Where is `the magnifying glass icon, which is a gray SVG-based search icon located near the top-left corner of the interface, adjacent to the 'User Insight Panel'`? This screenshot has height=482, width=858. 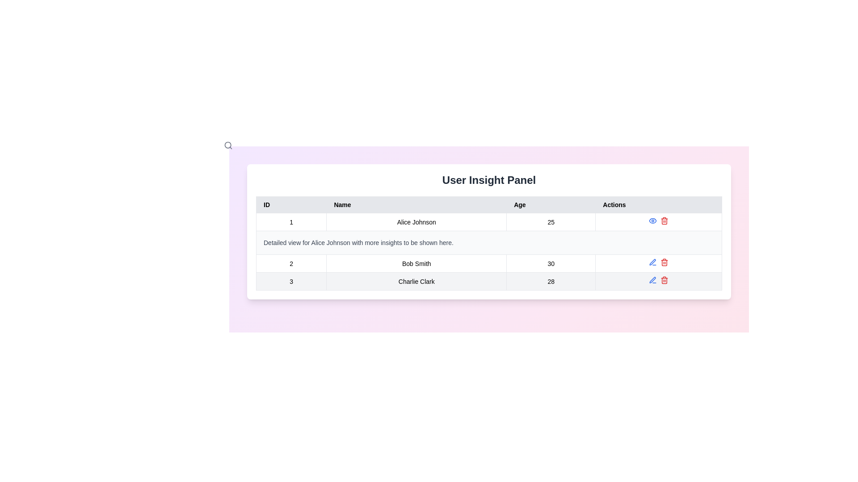 the magnifying glass icon, which is a gray SVG-based search icon located near the top-left corner of the interface, adjacent to the 'User Insight Panel' is located at coordinates (228, 145).